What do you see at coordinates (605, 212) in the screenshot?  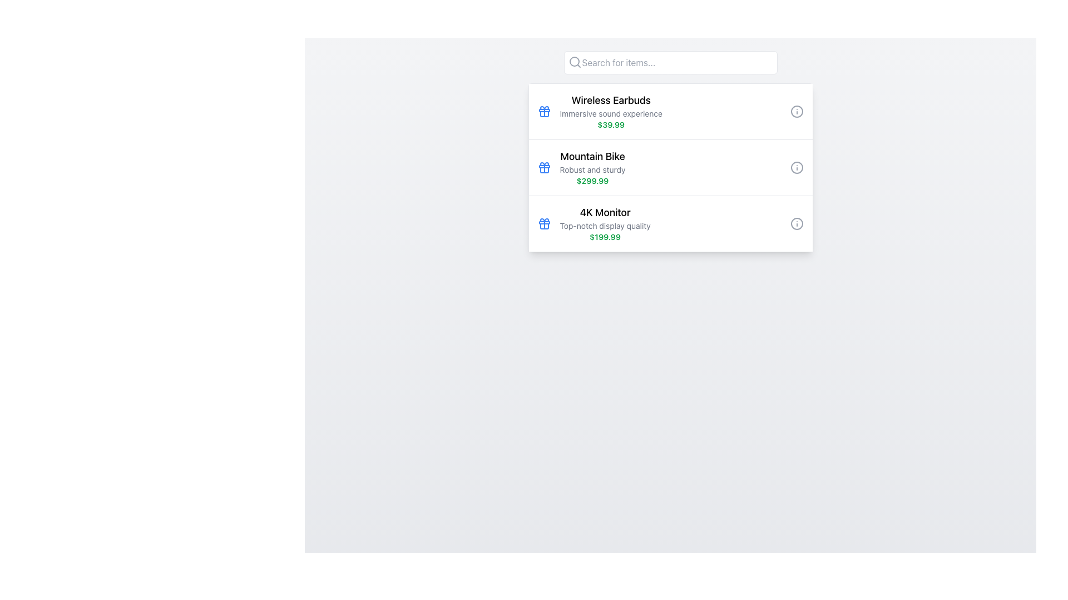 I see `the product title label, which is the third item in the product list, centrally located above the description and price` at bounding box center [605, 212].